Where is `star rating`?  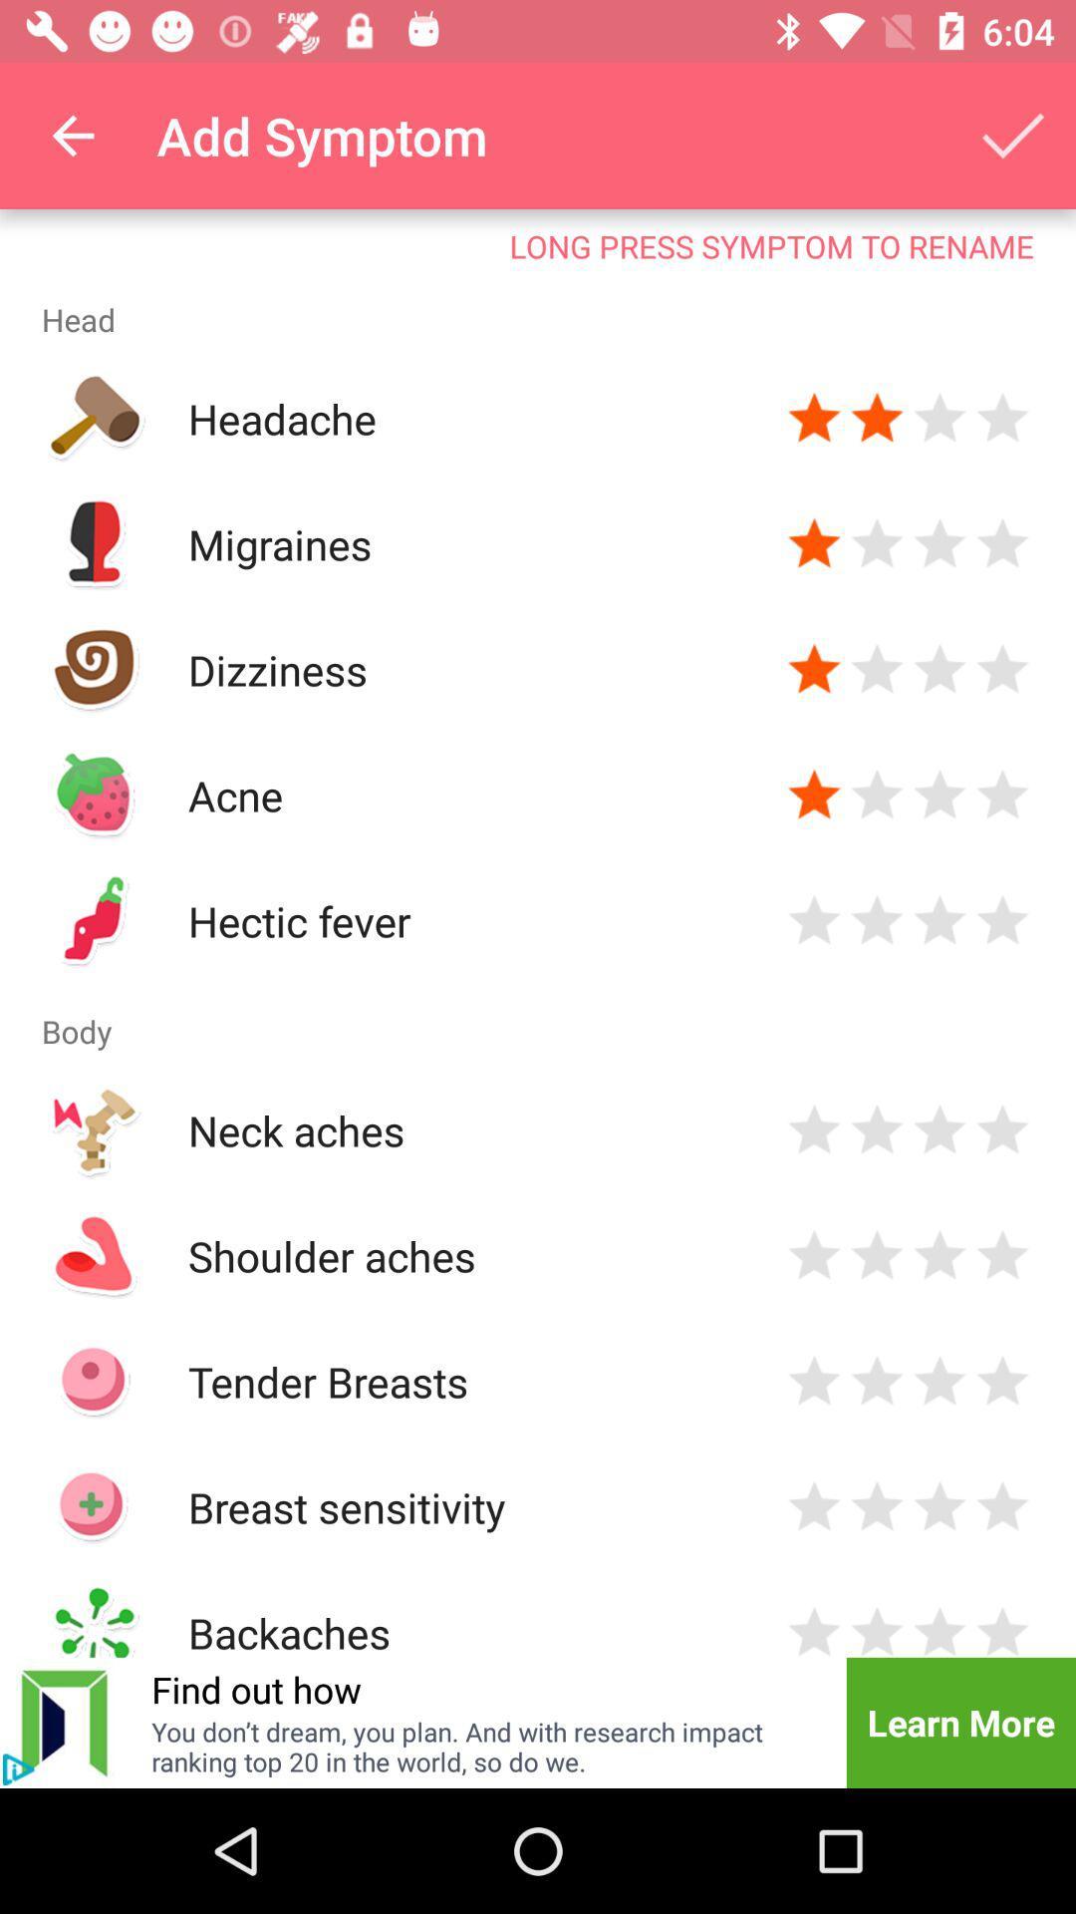
star rating is located at coordinates (940, 1629).